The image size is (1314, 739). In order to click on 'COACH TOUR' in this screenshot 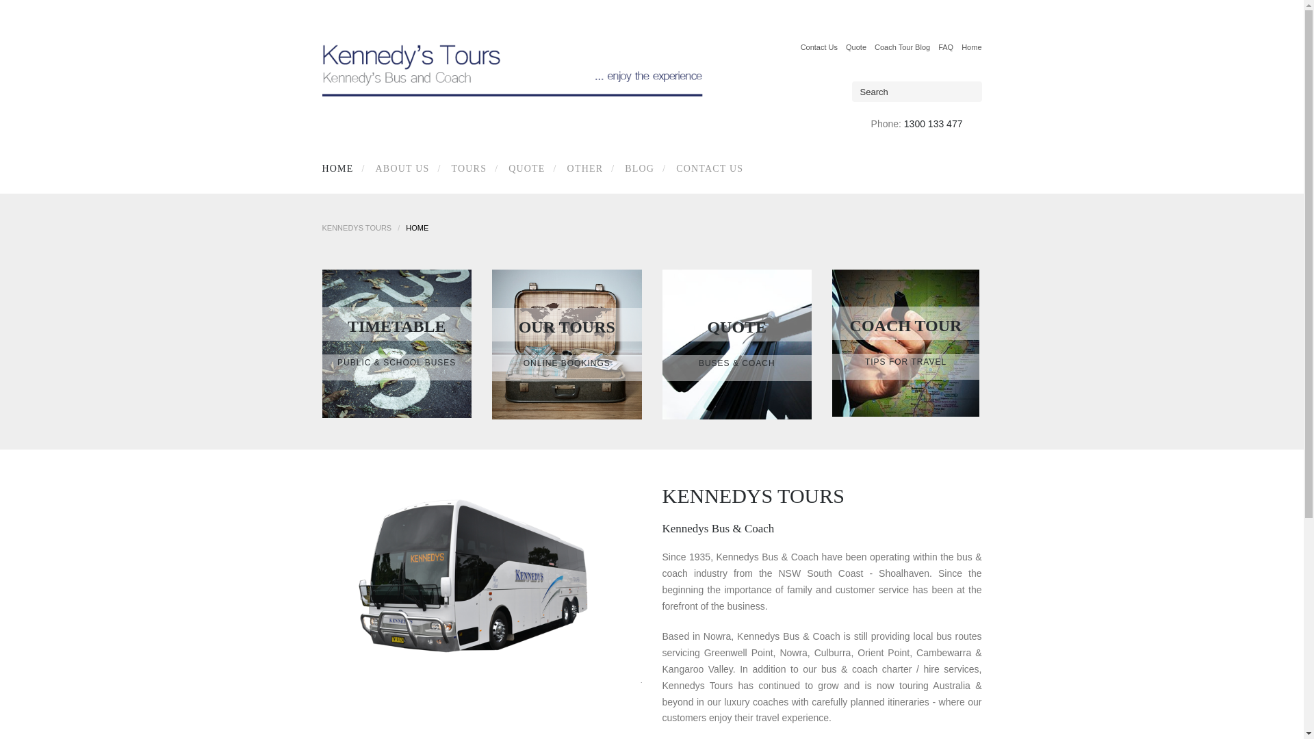, I will do `click(905, 325)`.